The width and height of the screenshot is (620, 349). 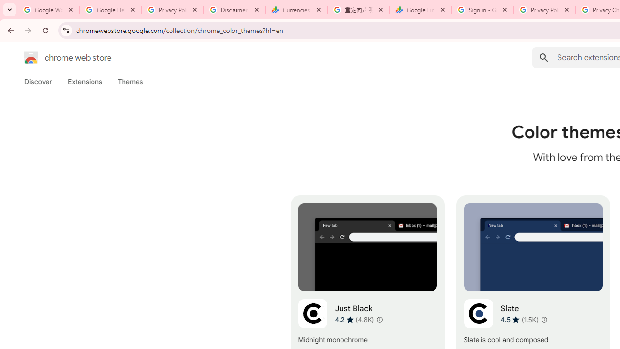 I want to click on 'Extensions', so click(x=84, y=81).